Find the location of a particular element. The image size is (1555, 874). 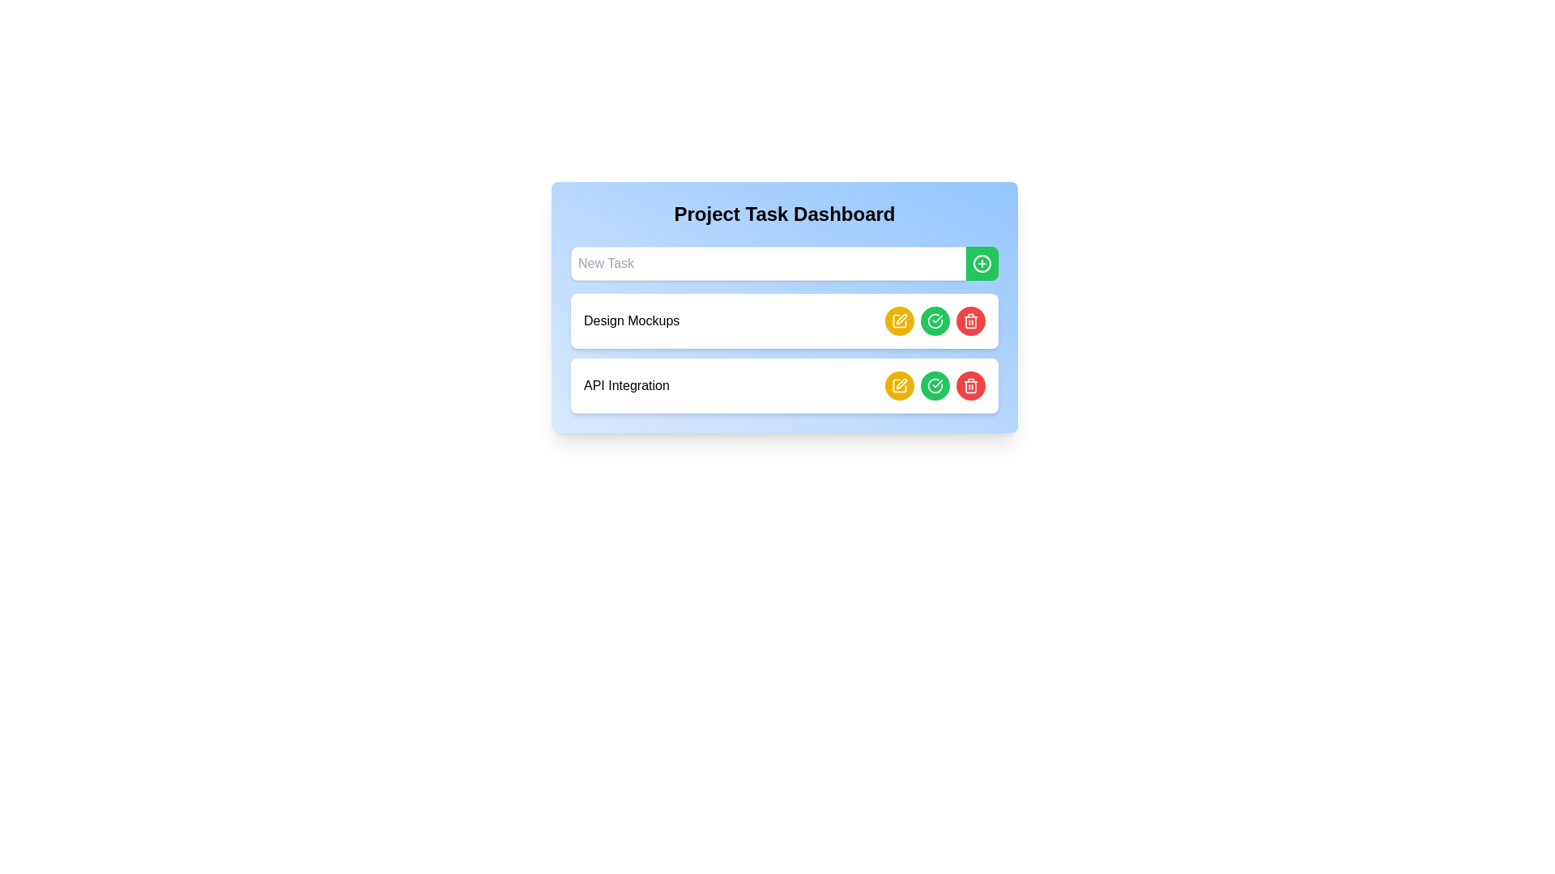

the button containing the green circle outlined with a white border, which is part of the plus icon located in the top-right corner of the blue panel with the search bar labeled 'New Task' is located at coordinates (982, 263).